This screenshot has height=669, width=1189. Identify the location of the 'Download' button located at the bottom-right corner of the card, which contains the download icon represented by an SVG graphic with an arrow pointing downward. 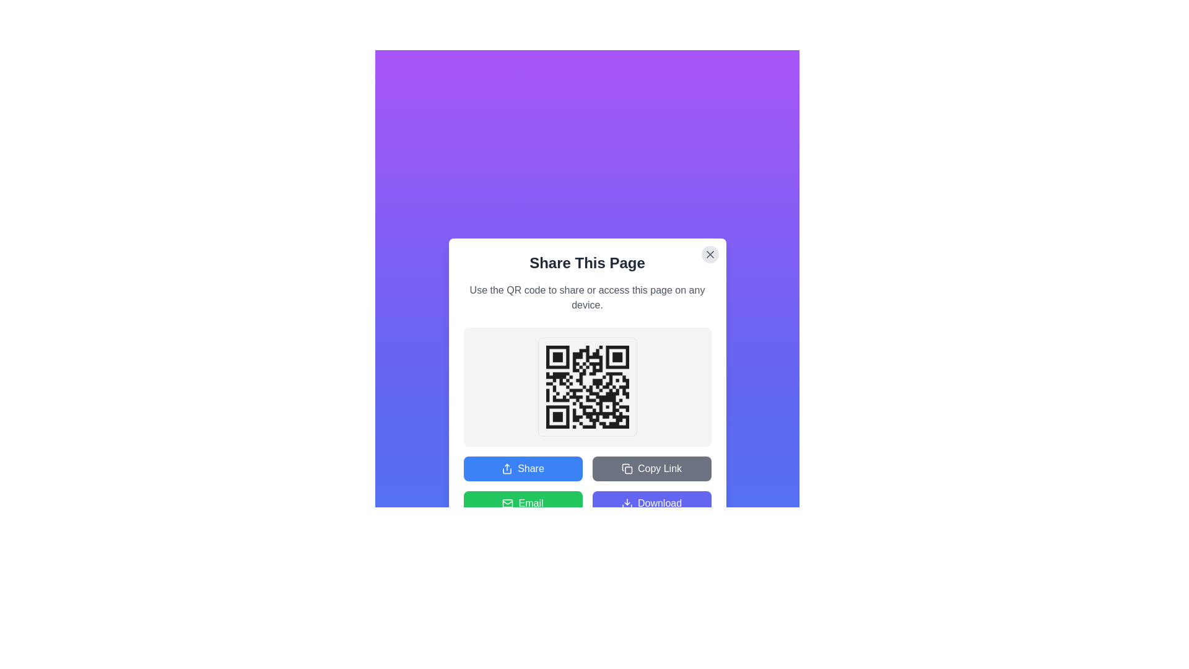
(627, 504).